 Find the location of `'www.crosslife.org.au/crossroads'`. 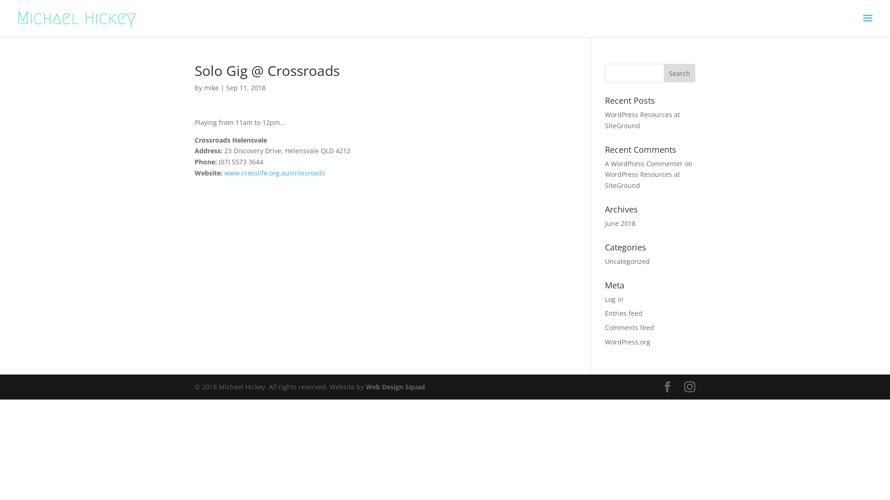

'www.crosslife.org.au/crossroads' is located at coordinates (224, 173).